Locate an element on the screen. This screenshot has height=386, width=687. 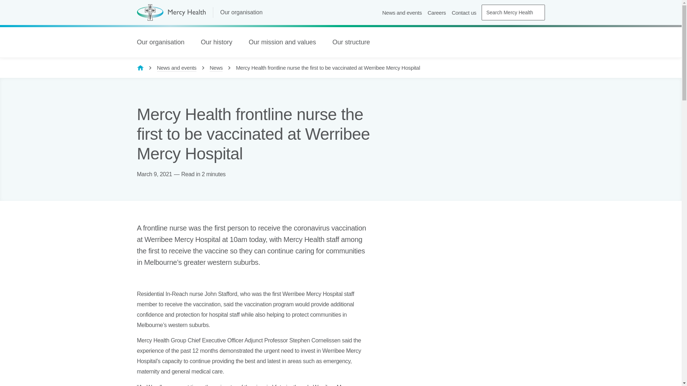
'Our mission and values' is located at coordinates (284, 42).